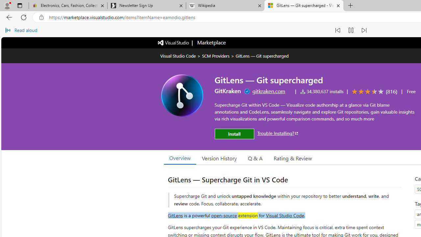  What do you see at coordinates (191, 42) in the screenshot?
I see `'Visual Studio logo Marketplace logo'` at bounding box center [191, 42].